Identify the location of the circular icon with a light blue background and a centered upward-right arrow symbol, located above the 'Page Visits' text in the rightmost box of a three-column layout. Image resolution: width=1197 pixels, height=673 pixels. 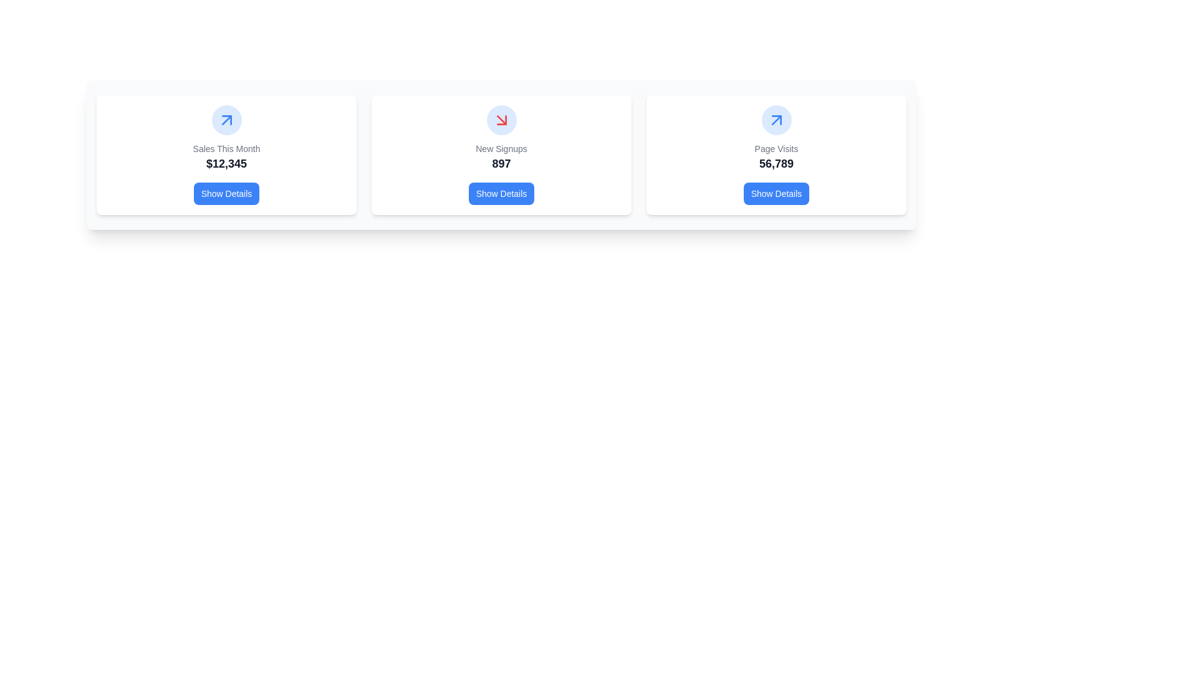
(776, 120).